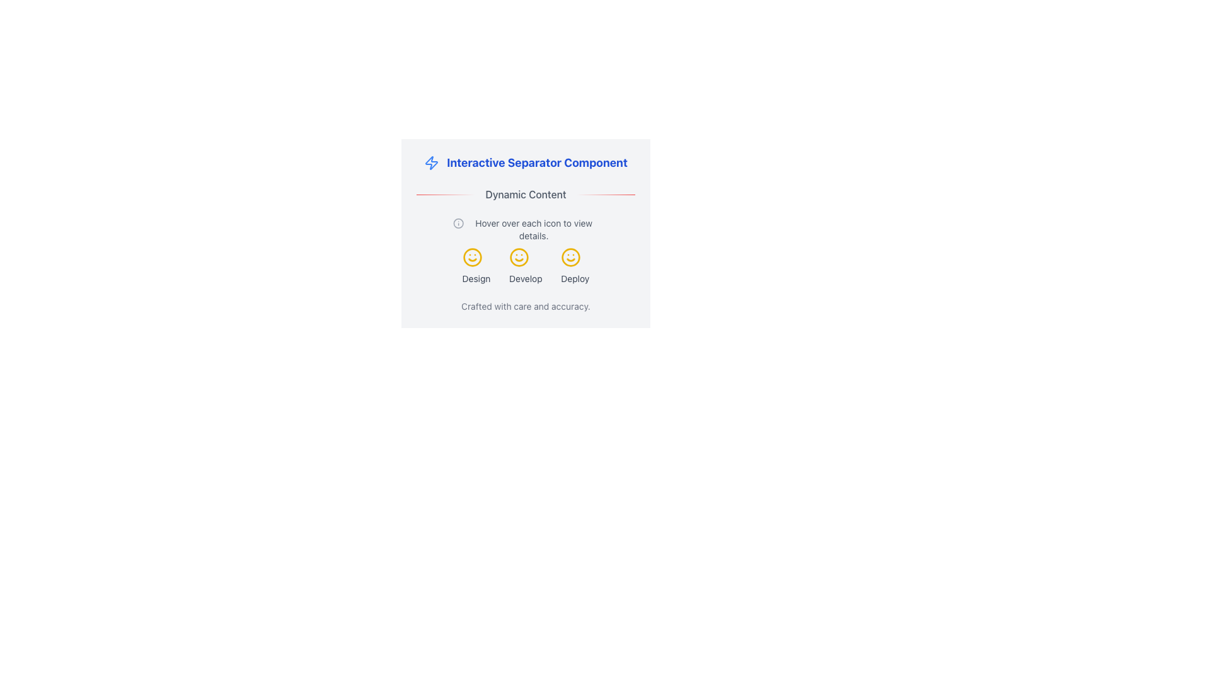 This screenshot has width=1210, height=680. I want to click on the informational label located below the 'Dynamic Content' header and within the 'Interactive Separator Component', so click(526, 230).